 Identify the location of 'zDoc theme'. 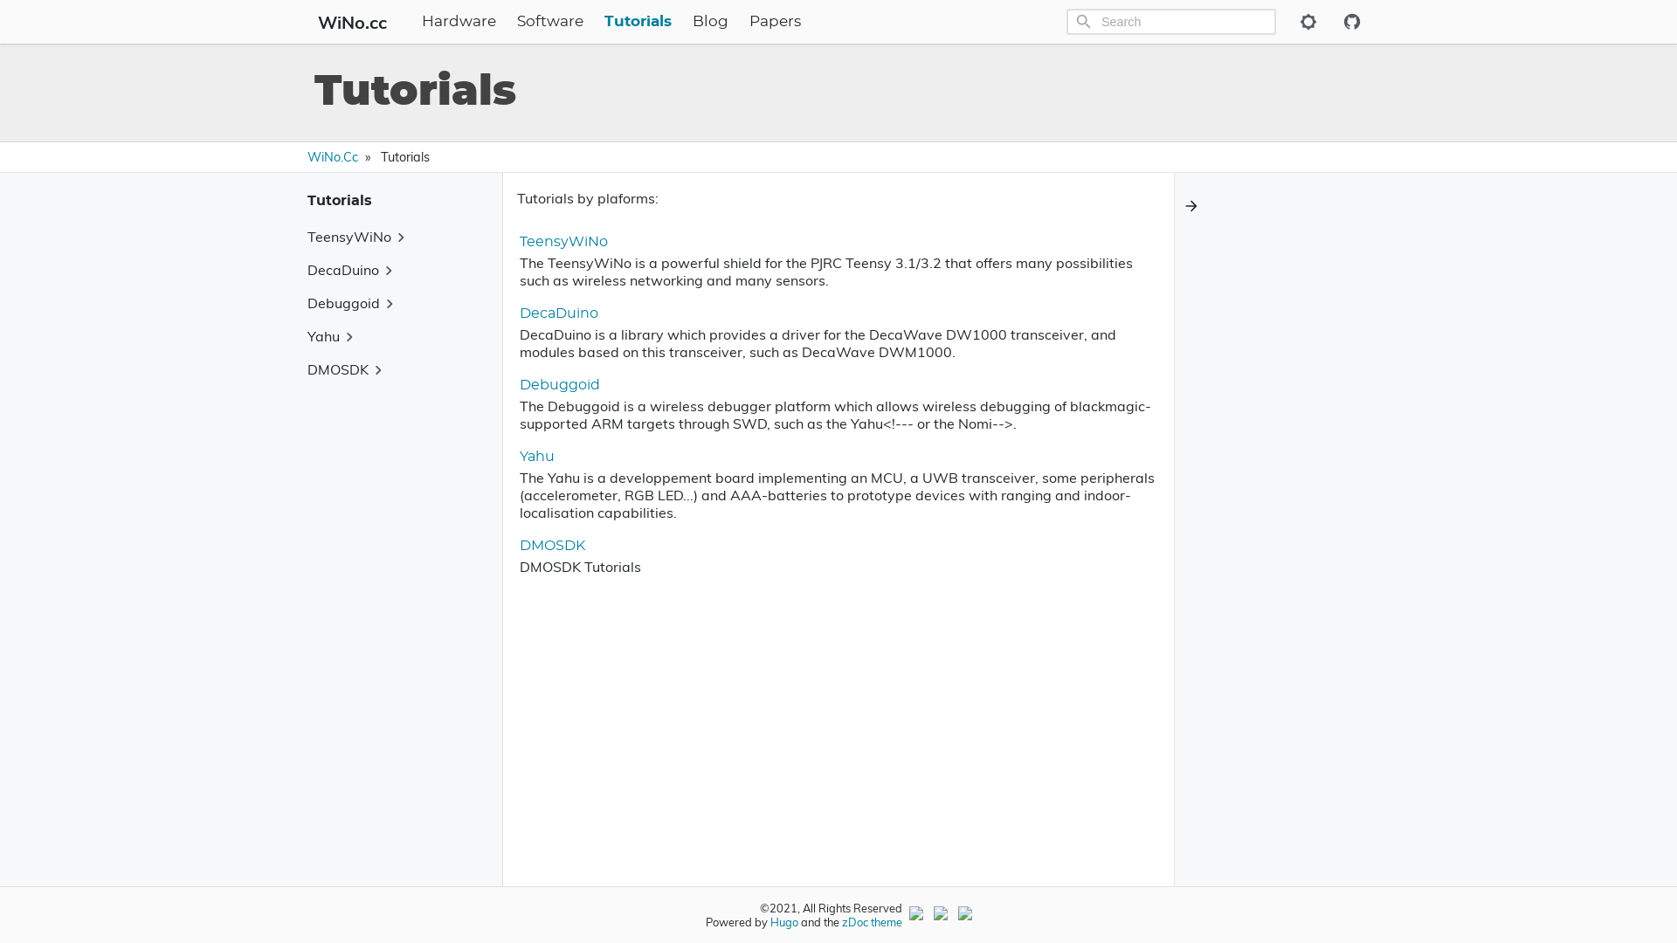
(872, 921).